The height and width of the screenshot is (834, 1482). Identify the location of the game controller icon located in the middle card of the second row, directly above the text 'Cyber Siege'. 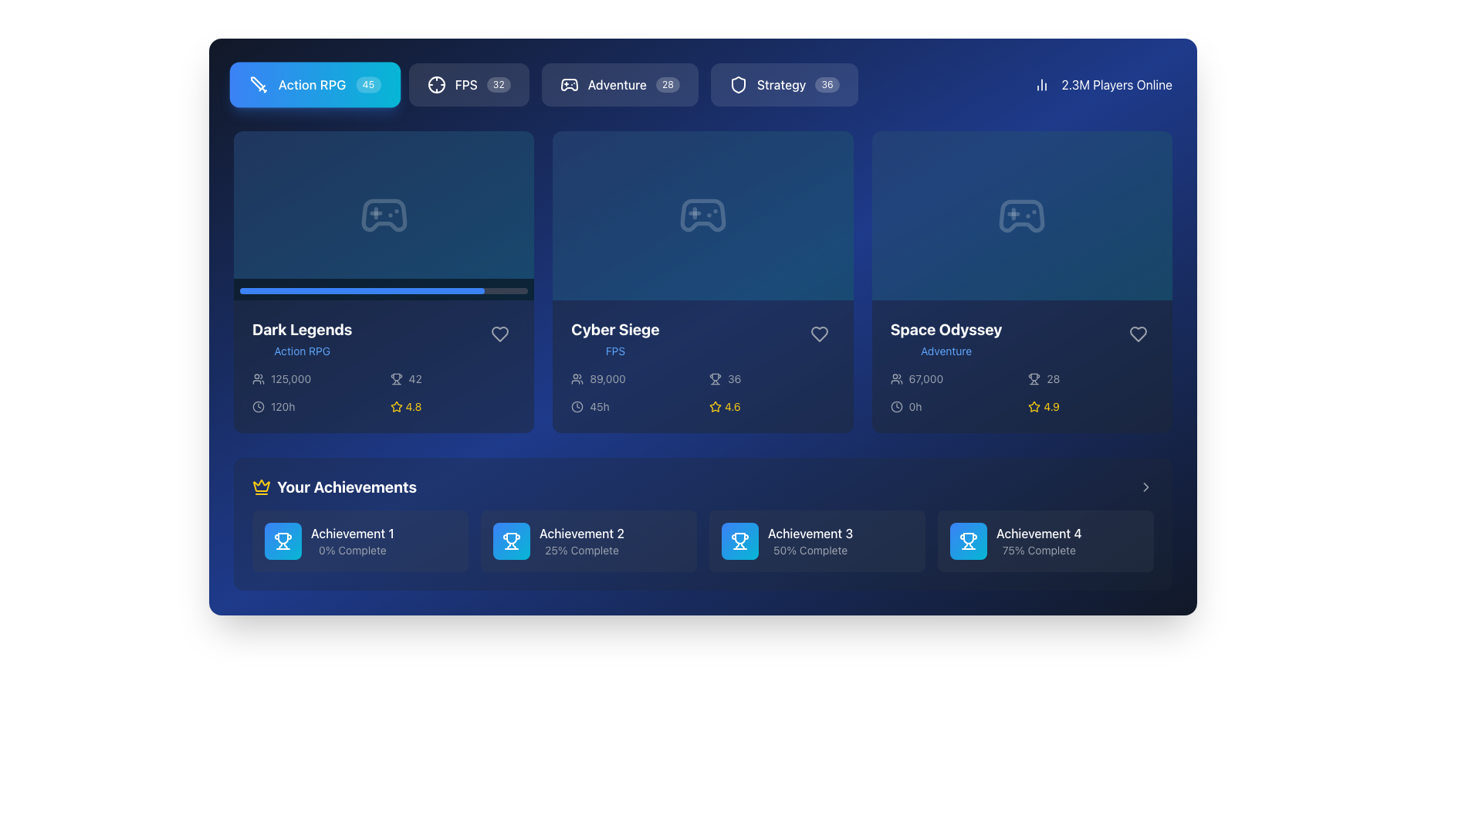
(702, 215).